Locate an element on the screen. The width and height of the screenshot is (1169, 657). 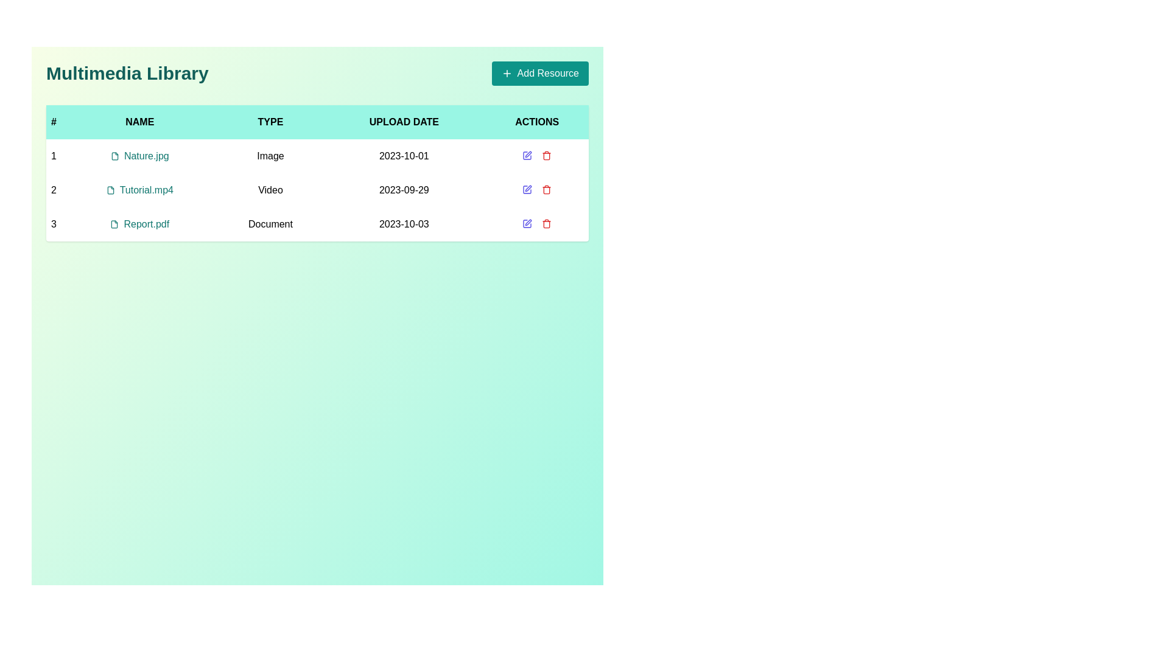
the red trash can icon button in the third row of the table under the 'Actions' column is located at coordinates (546, 156).